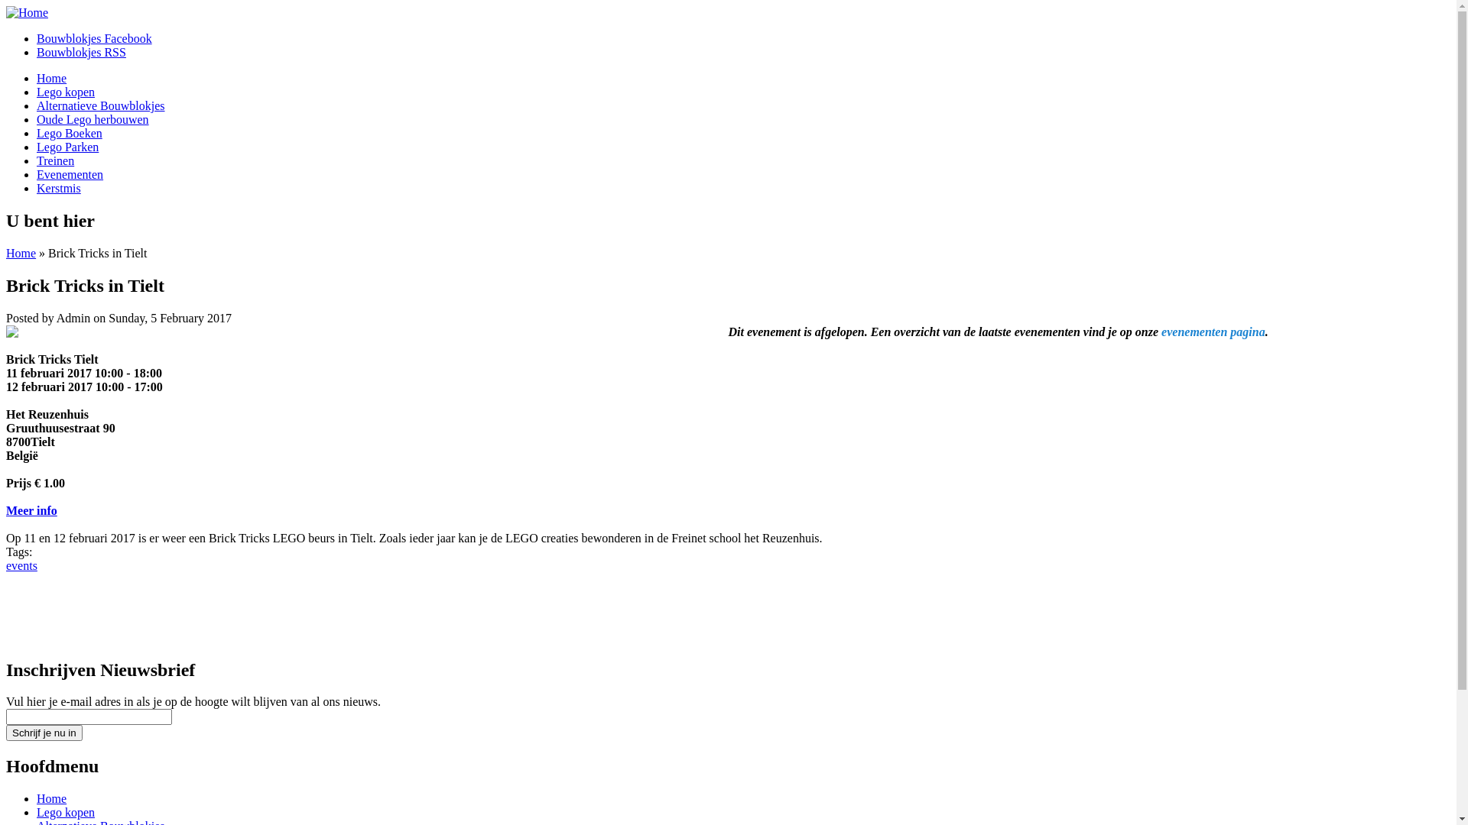  What do you see at coordinates (37, 132) in the screenshot?
I see `'Lego Boeken'` at bounding box center [37, 132].